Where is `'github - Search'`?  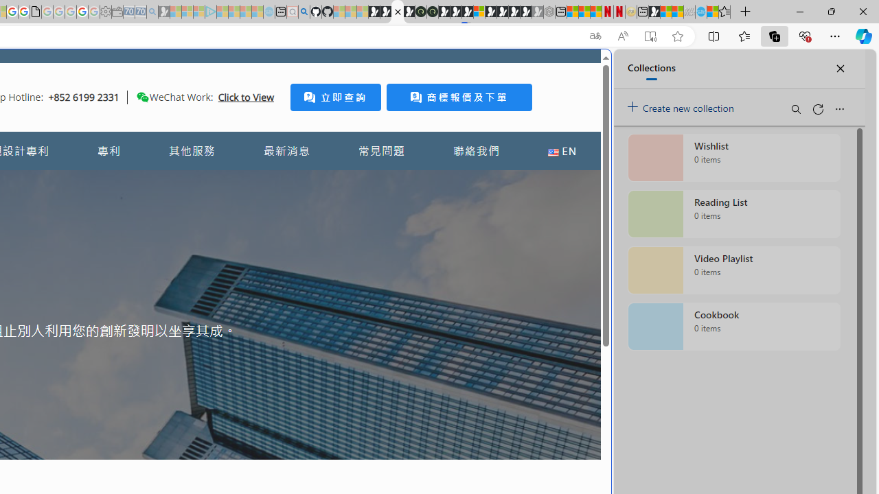
'github - Search' is located at coordinates (303, 12).